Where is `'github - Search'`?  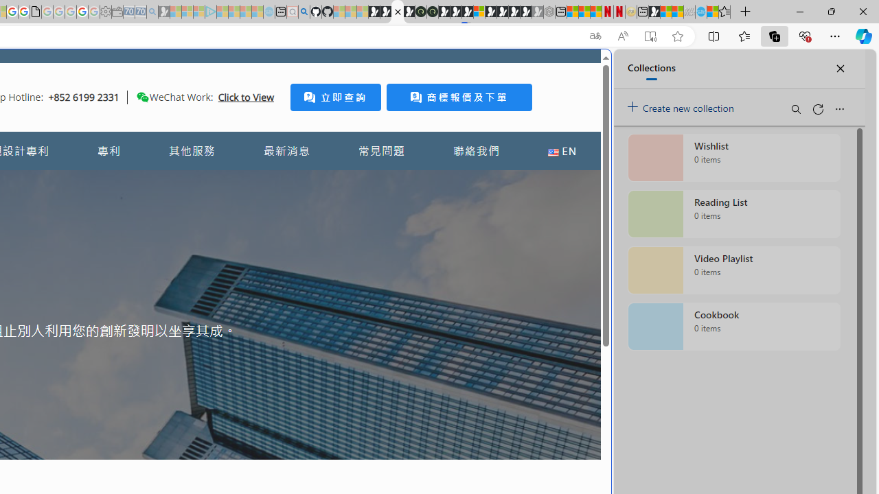
'github - Search' is located at coordinates (303, 12).